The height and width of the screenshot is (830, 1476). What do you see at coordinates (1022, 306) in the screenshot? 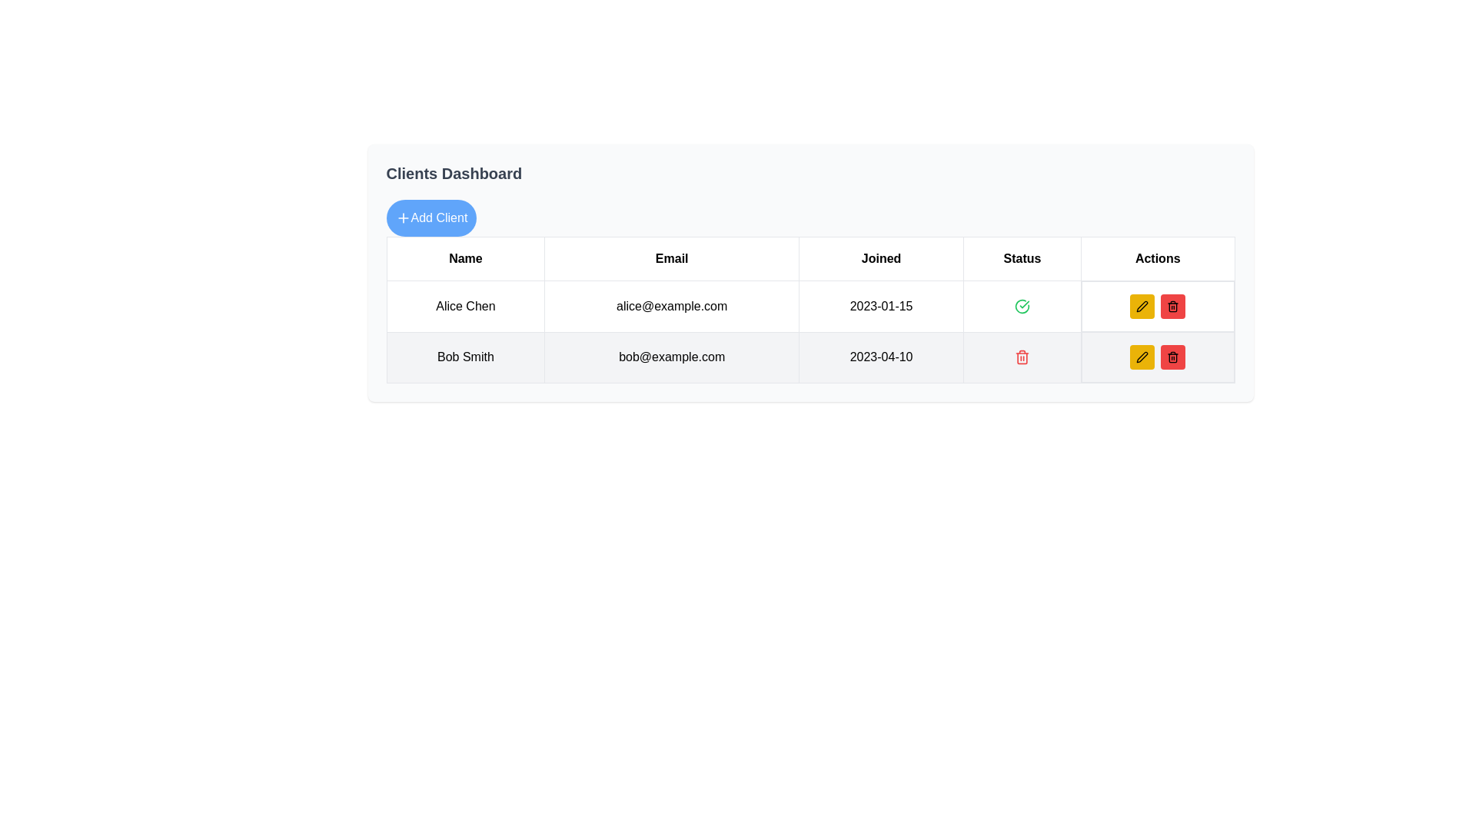
I see `the checkmark icon in the 'Status' column for user 'Alice Chen', which represents an approved status` at bounding box center [1022, 306].